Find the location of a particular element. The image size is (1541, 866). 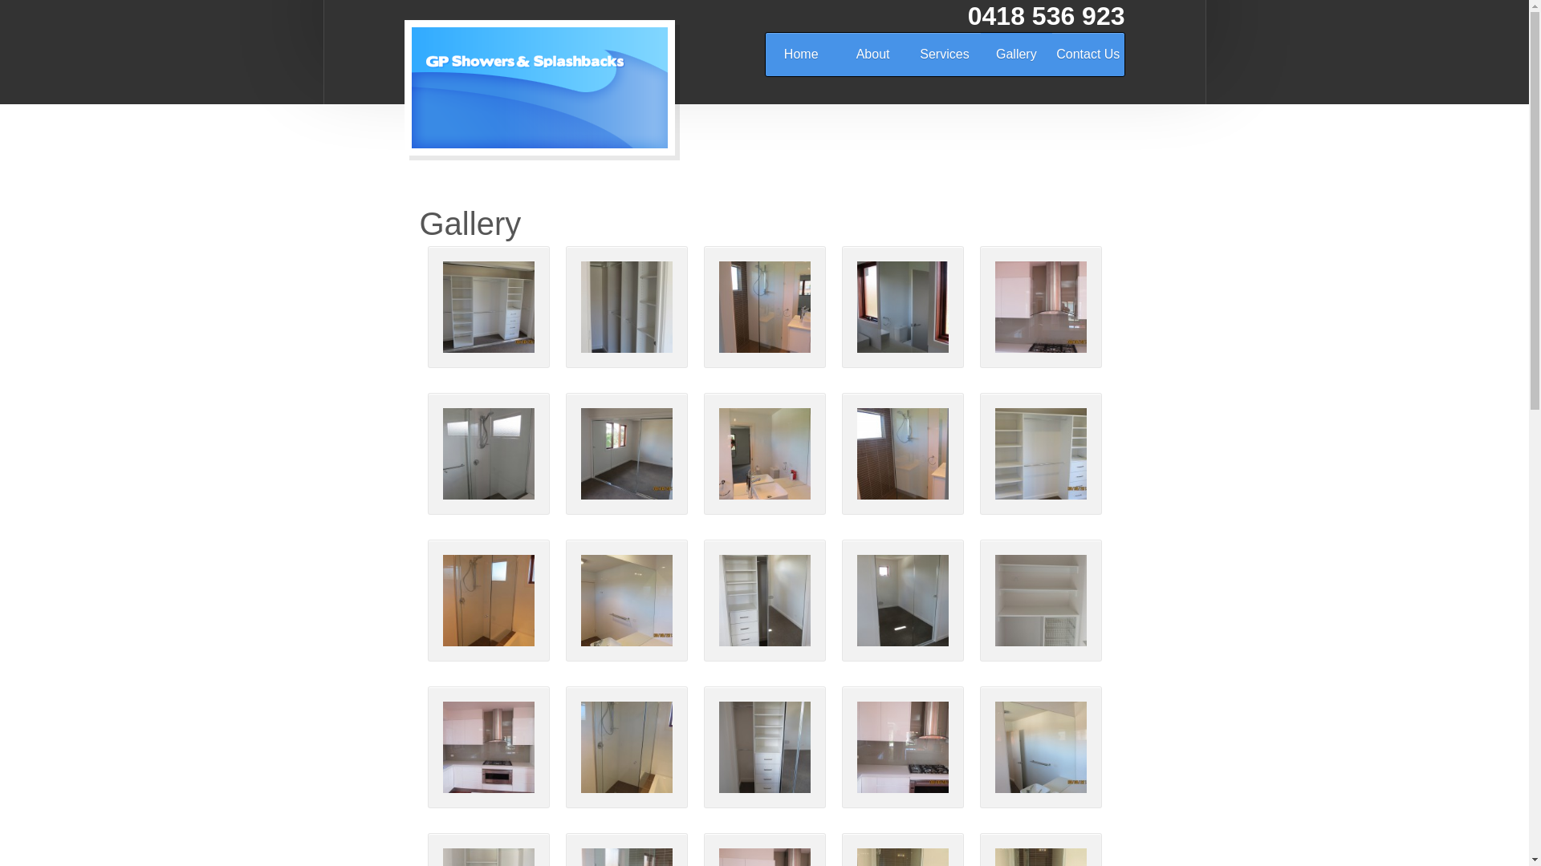

'Contact Us' is located at coordinates (1051, 54).